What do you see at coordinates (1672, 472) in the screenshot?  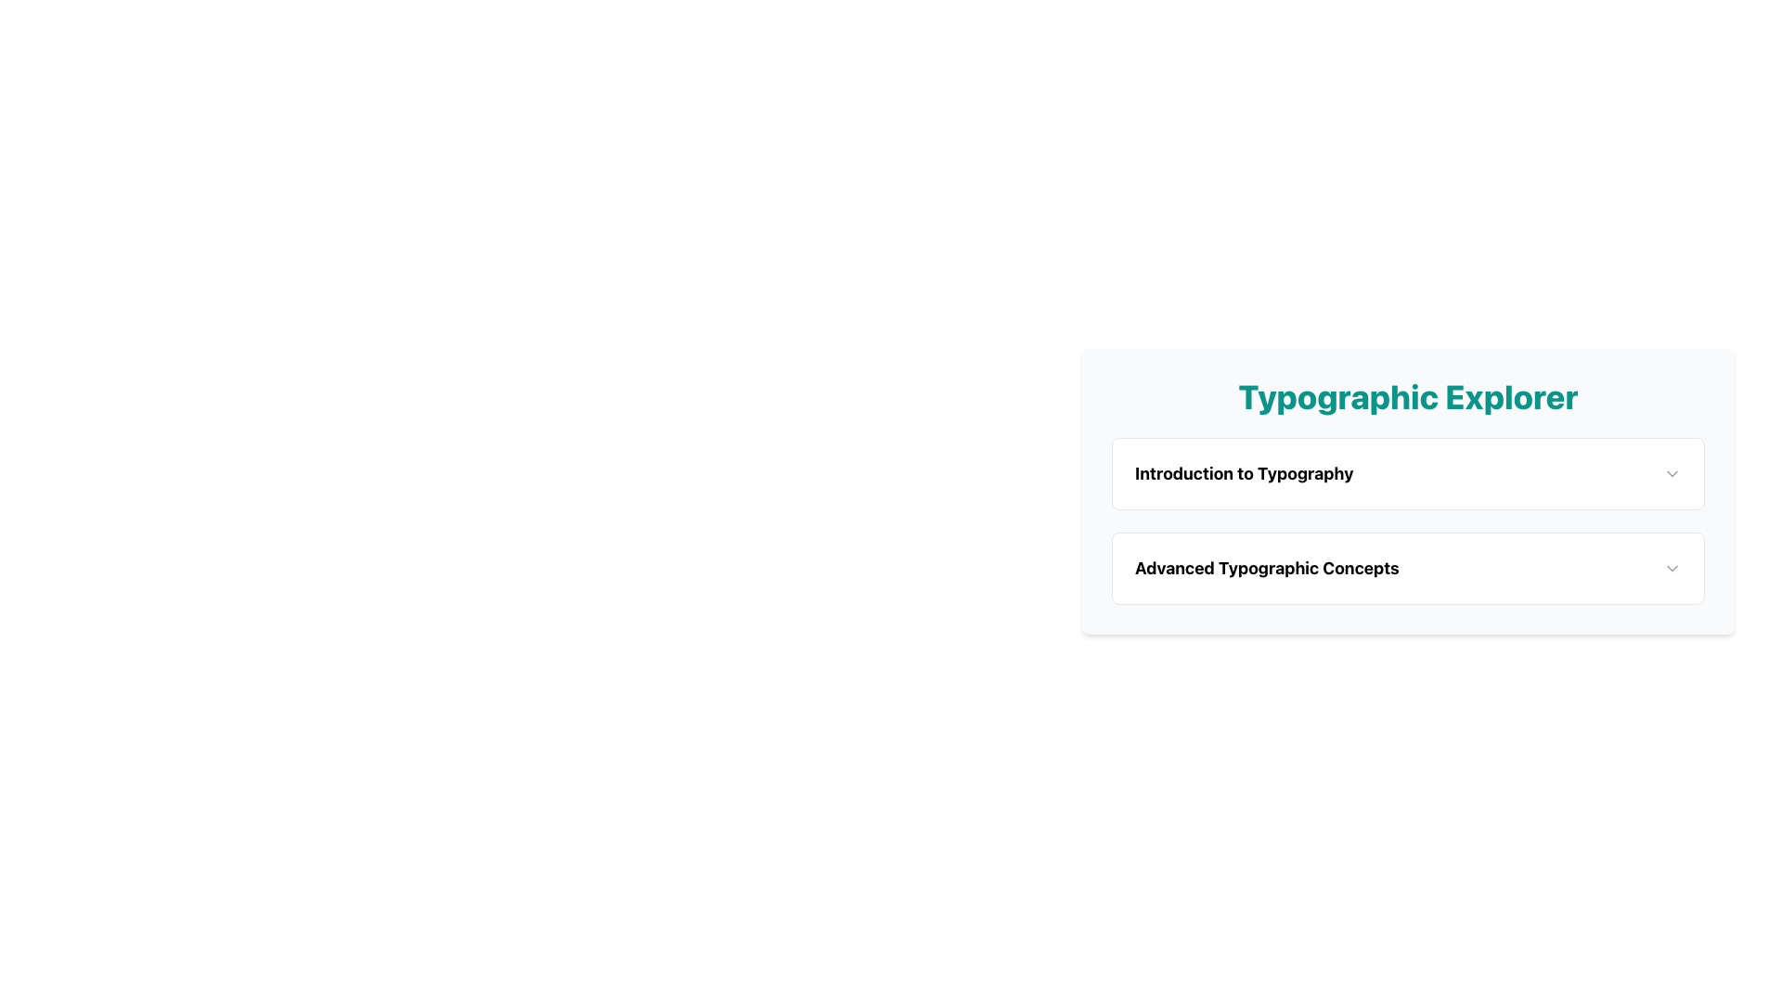 I see `the Dropdown icon located at the right end of the bar containing the text 'Introduction to Typography' in the 'Typographic Explorer' section` at bounding box center [1672, 472].